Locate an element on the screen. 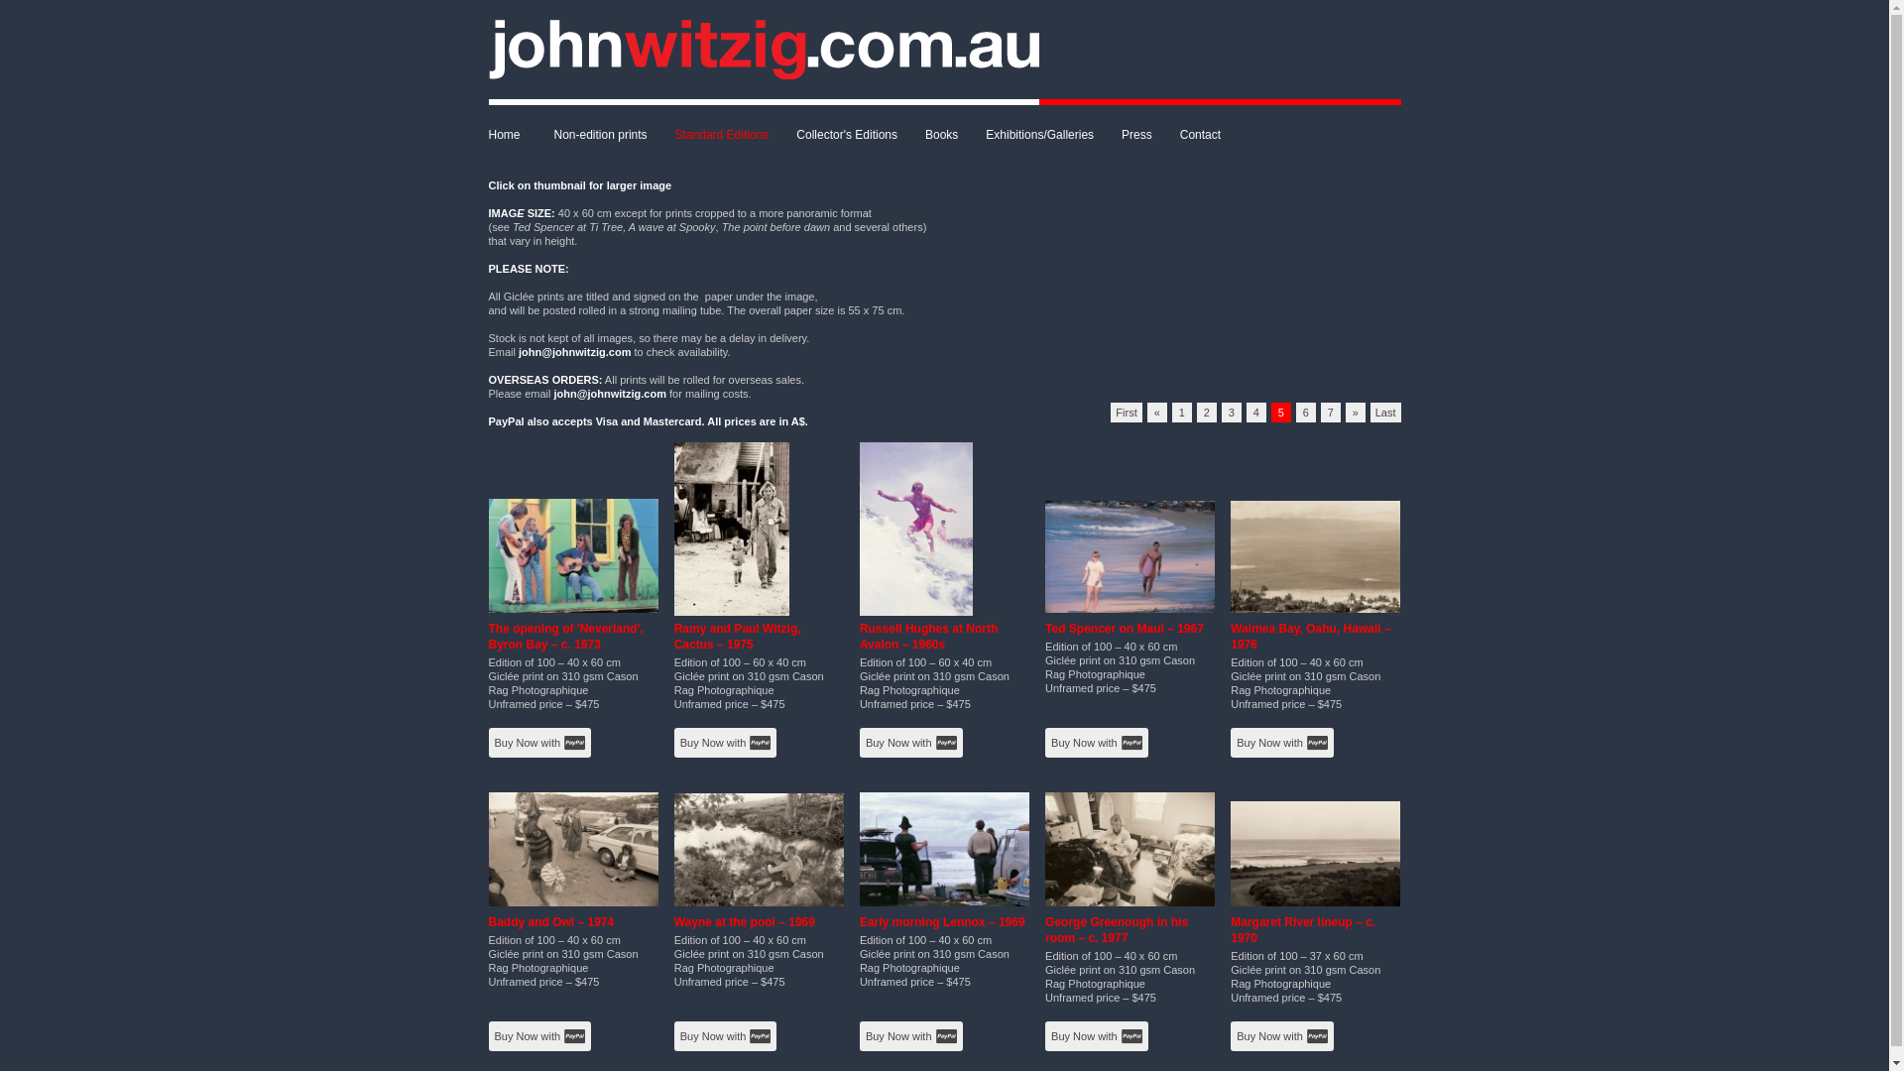 The width and height of the screenshot is (1904, 1071). '7' is located at coordinates (1331, 412).